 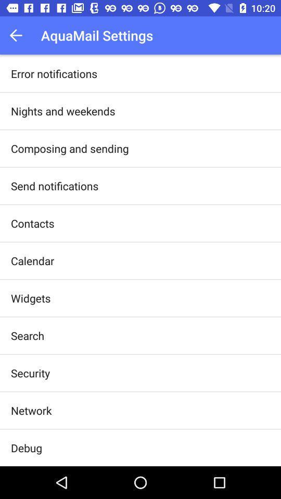 What do you see at coordinates (19, 35) in the screenshot?
I see `icon above error notifications icon` at bounding box center [19, 35].